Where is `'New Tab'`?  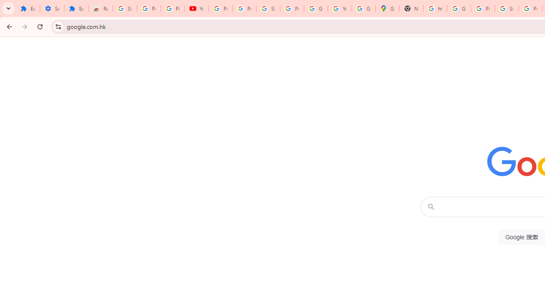
'New Tab' is located at coordinates (411, 8).